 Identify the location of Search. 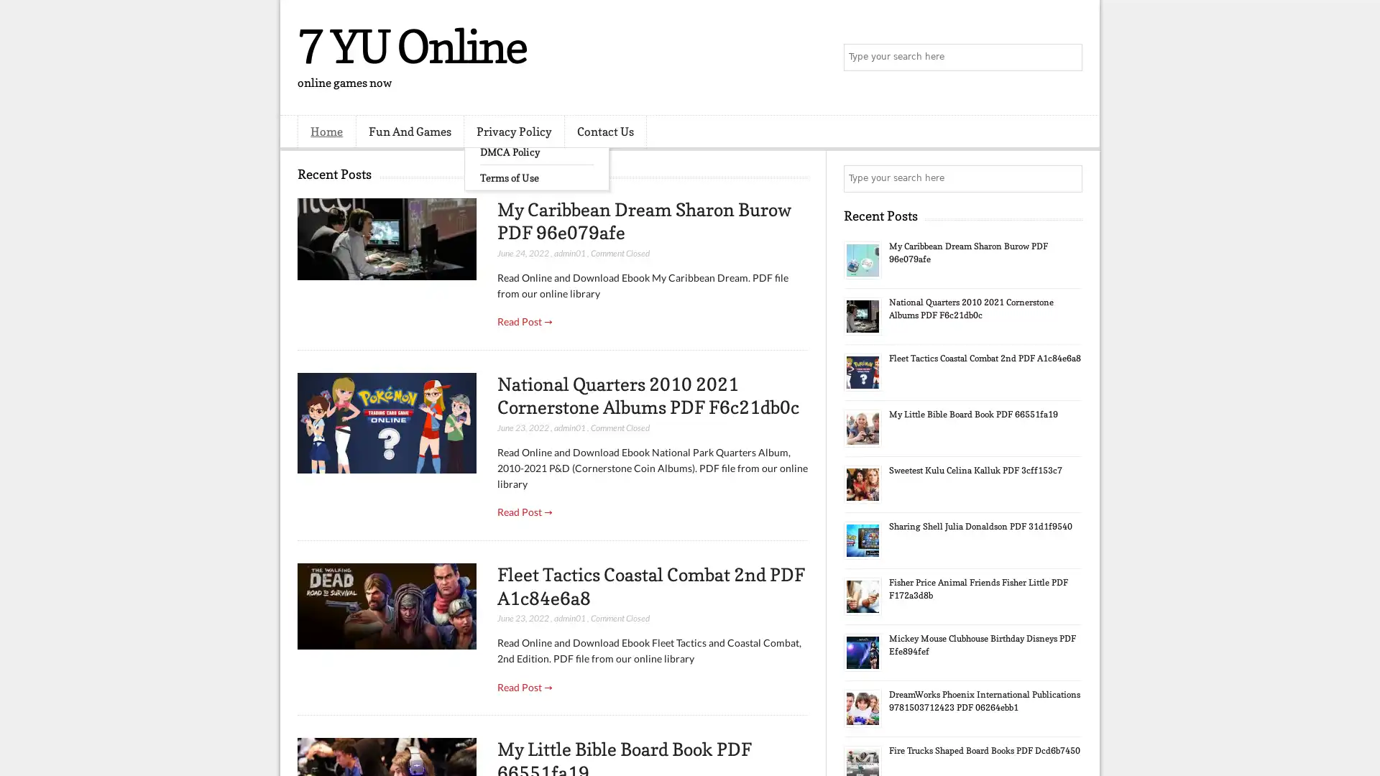
(1067, 178).